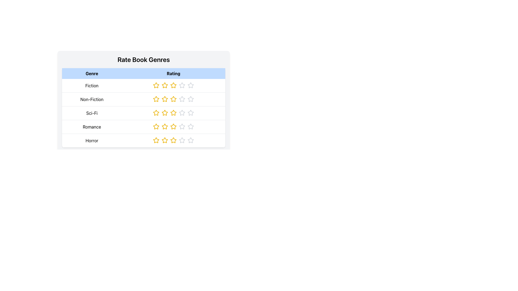 The image size is (518, 291). What do you see at coordinates (182, 85) in the screenshot?
I see `on the fourth star icon in the 'Rating' column of the 'Rate Book Genres' table` at bounding box center [182, 85].